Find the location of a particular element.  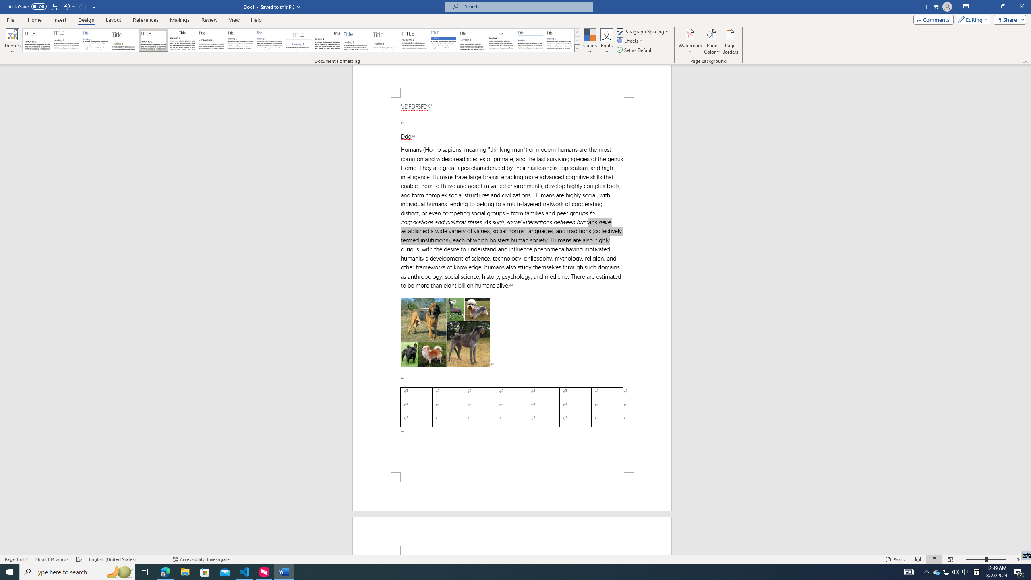

'Casual' is located at coordinates (269, 40).